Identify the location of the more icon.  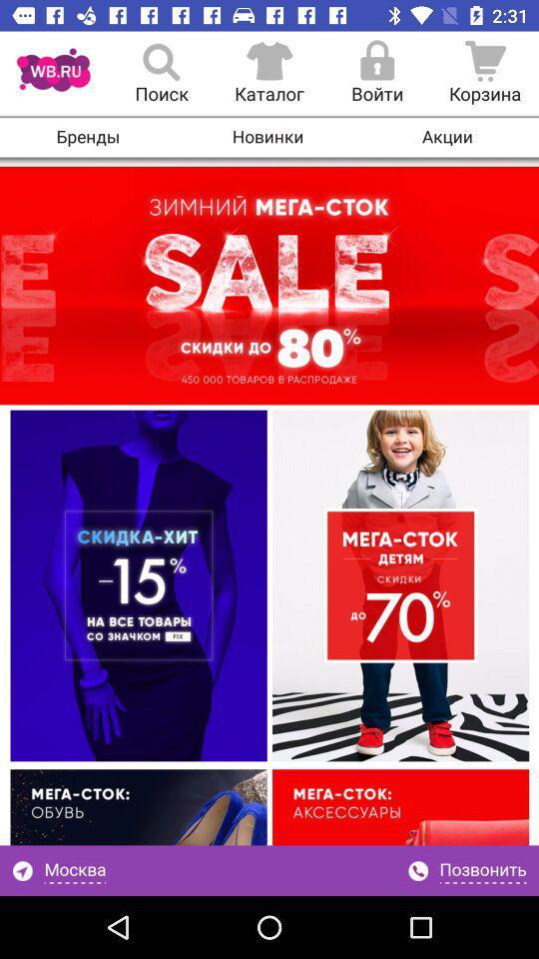
(89, 135).